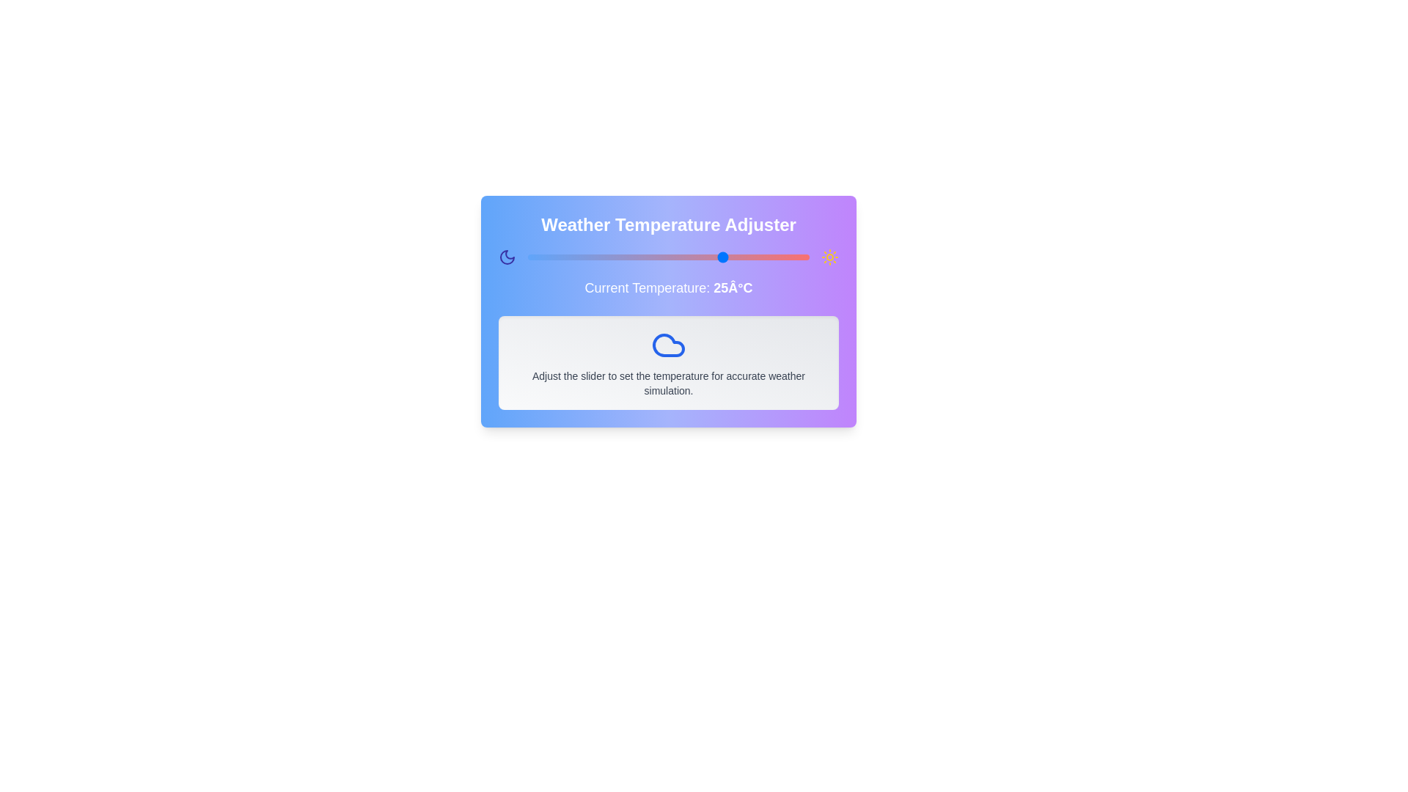  Describe the element at coordinates (561, 257) in the screenshot. I see `the slider to set the temperature to -4°C` at that location.